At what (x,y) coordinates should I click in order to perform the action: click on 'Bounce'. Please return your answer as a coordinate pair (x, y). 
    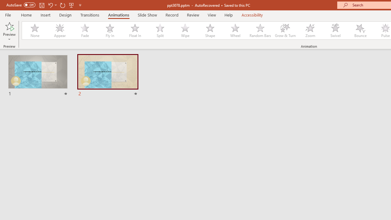
    Looking at the image, I should click on (360, 31).